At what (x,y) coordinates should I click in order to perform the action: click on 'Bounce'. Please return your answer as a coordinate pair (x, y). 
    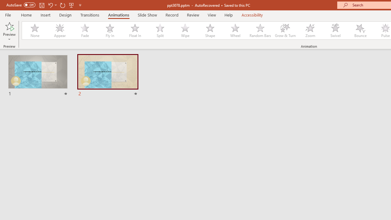
    Looking at the image, I should click on (360, 31).